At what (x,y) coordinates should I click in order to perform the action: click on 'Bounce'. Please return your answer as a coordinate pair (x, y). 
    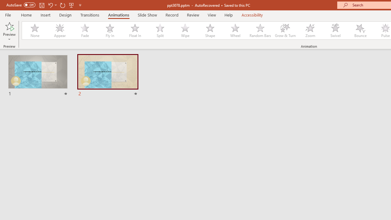
    Looking at the image, I should click on (360, 31).